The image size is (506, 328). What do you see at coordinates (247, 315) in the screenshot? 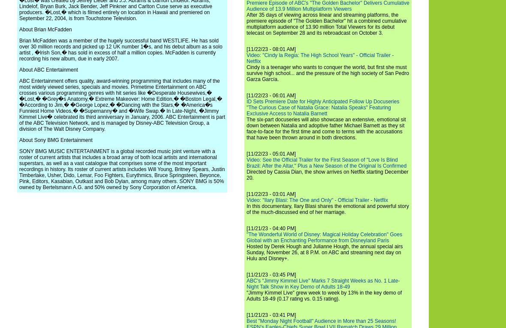
I see `'[11/21/23 - 03:41 PM]'` at bounding box center [247, 315].